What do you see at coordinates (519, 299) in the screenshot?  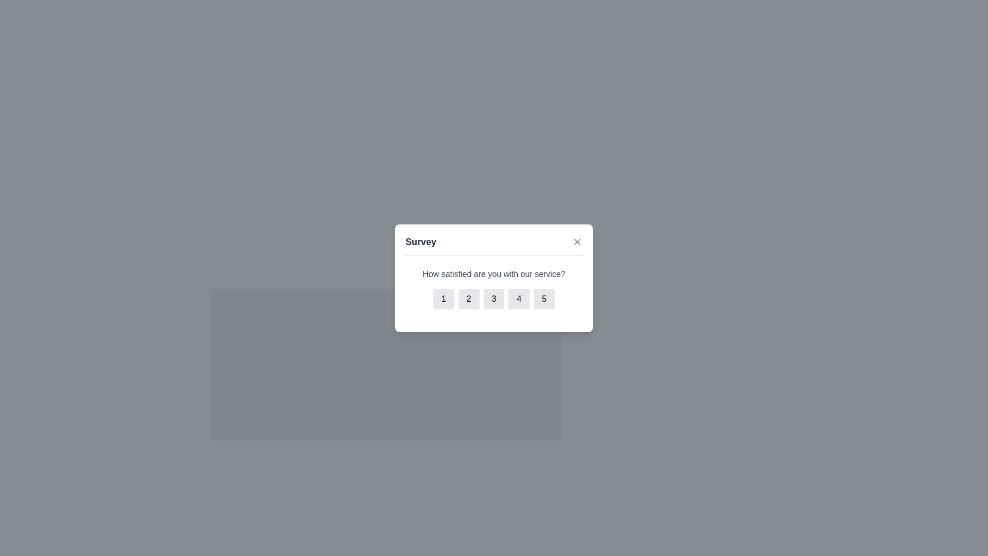 I see `the button labeled '4' which is a rectangular box with a light gray background and slightly rounded corners, located in the center of a survey popup window` at bounding box center [519, 299].